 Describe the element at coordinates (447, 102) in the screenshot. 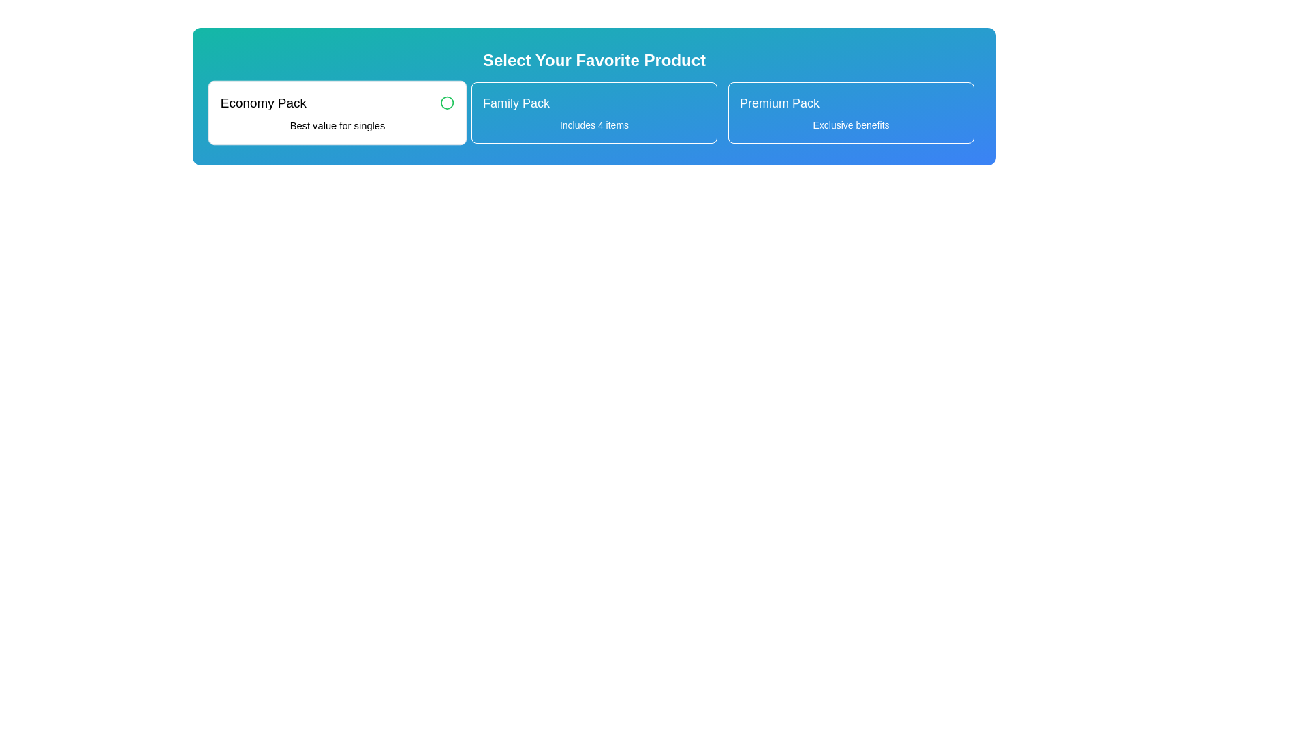

I see `the circular status icon located at the top-right of the 'Economy Pack' card, adjacent to the text 'Economy Pack'` at that location.